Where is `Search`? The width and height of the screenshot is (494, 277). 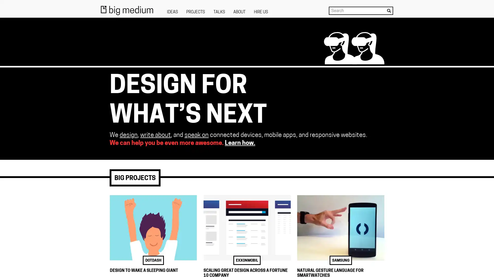
Search is located at coordinates (389, 11).